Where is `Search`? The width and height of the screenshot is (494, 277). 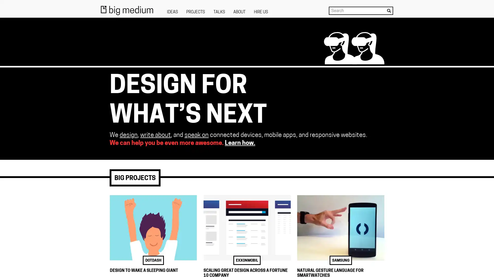
Search is located at coordinates (389, 11).